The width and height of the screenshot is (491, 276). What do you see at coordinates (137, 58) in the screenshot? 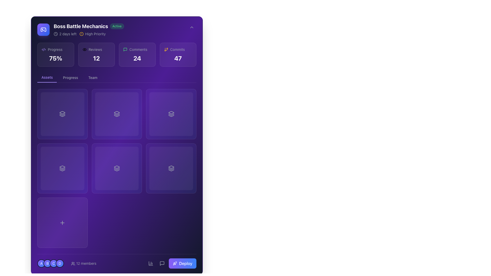
I see `the static text element that displays the comment count within the 'Comments' card located in the upper interface area` at bounding box center [137, 58].